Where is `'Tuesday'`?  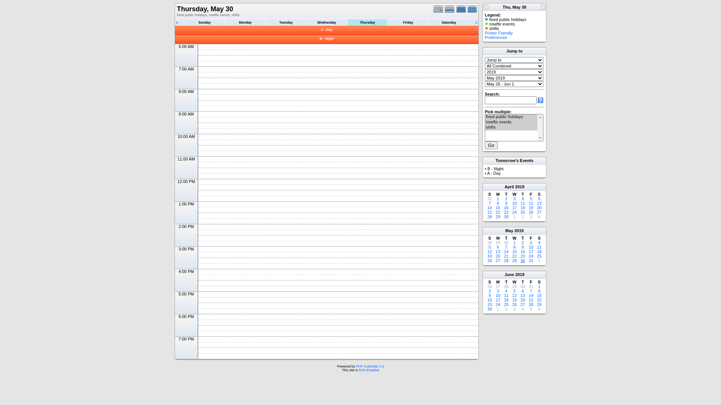 'Tuesday' is located at coordinates (286, 22).